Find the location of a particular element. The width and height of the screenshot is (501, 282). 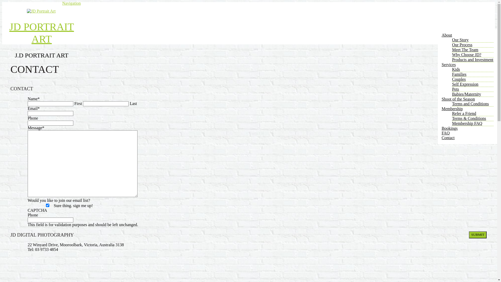

'Refer a Friend' is located at coordinates (452, 113).